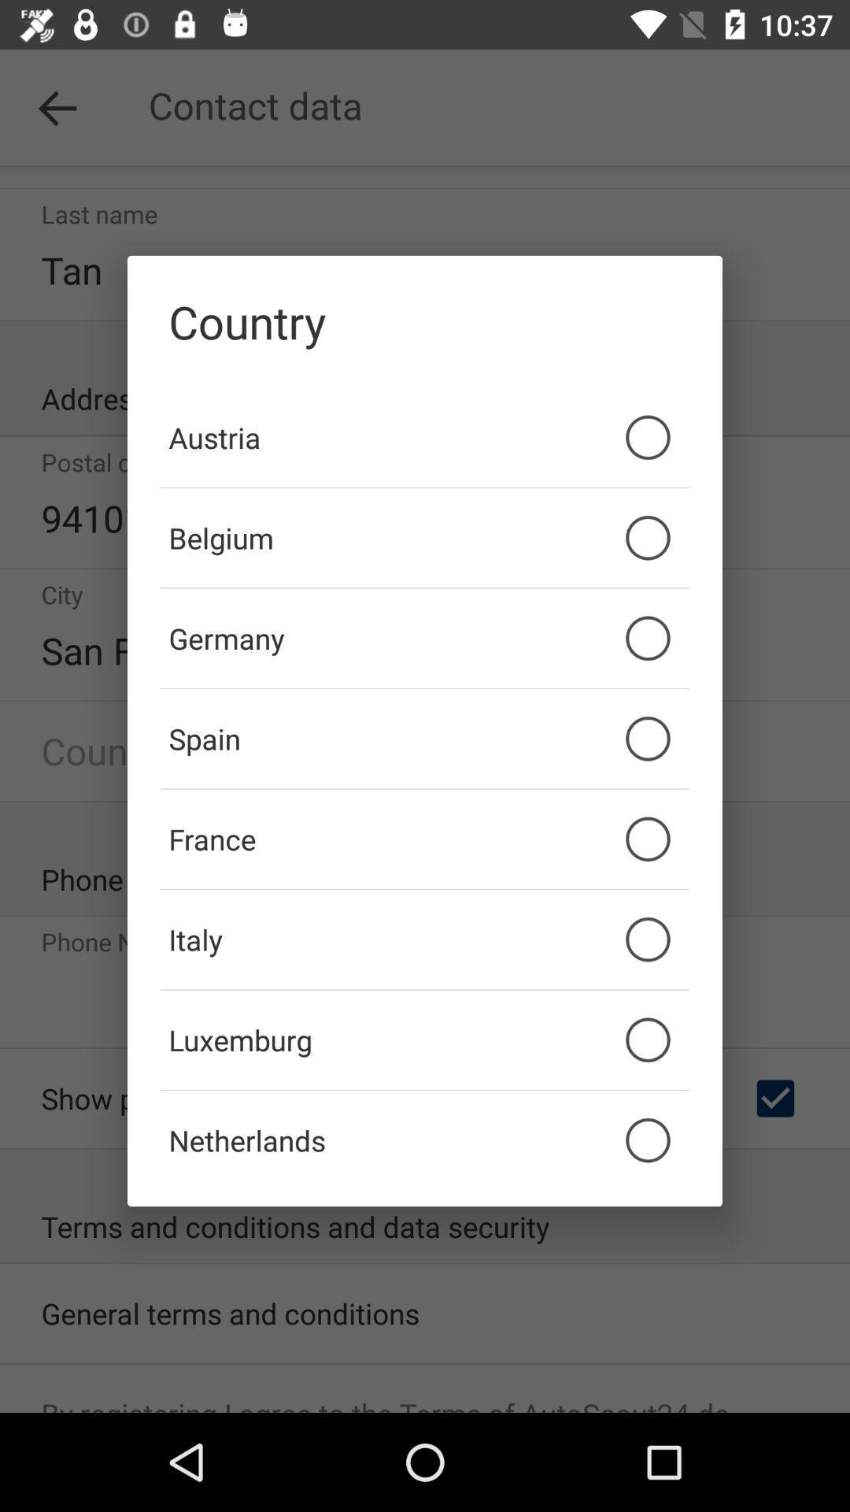  Describe the element at coordinates (425, 1039) in the screenshot. I see `the luxemburg item` at that location.